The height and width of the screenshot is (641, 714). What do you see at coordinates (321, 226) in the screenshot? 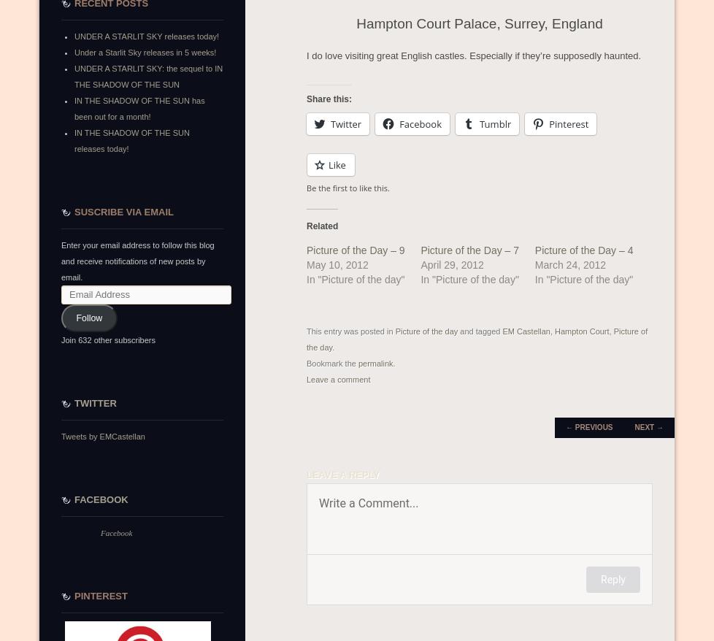
I see `'Related'` at bounding box center [321, 226].